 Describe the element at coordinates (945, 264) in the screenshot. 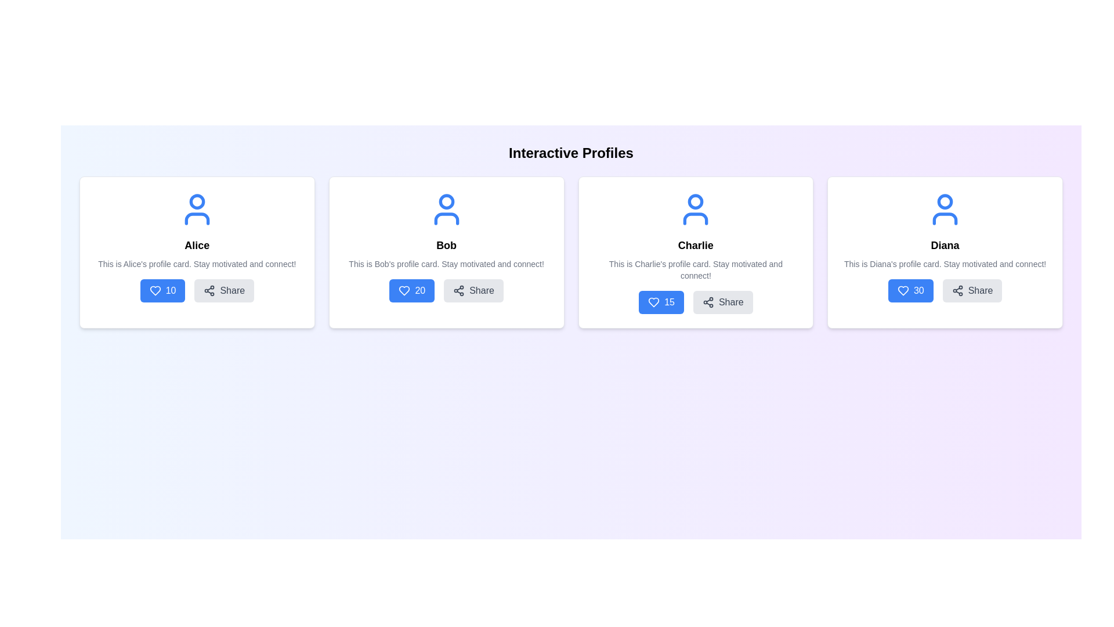

I see `the textual description that contains the phrase 'This is Diana's profile card. Stay motivated and connect!' located centrally below the 'Diana' title in the profile card` at that location.